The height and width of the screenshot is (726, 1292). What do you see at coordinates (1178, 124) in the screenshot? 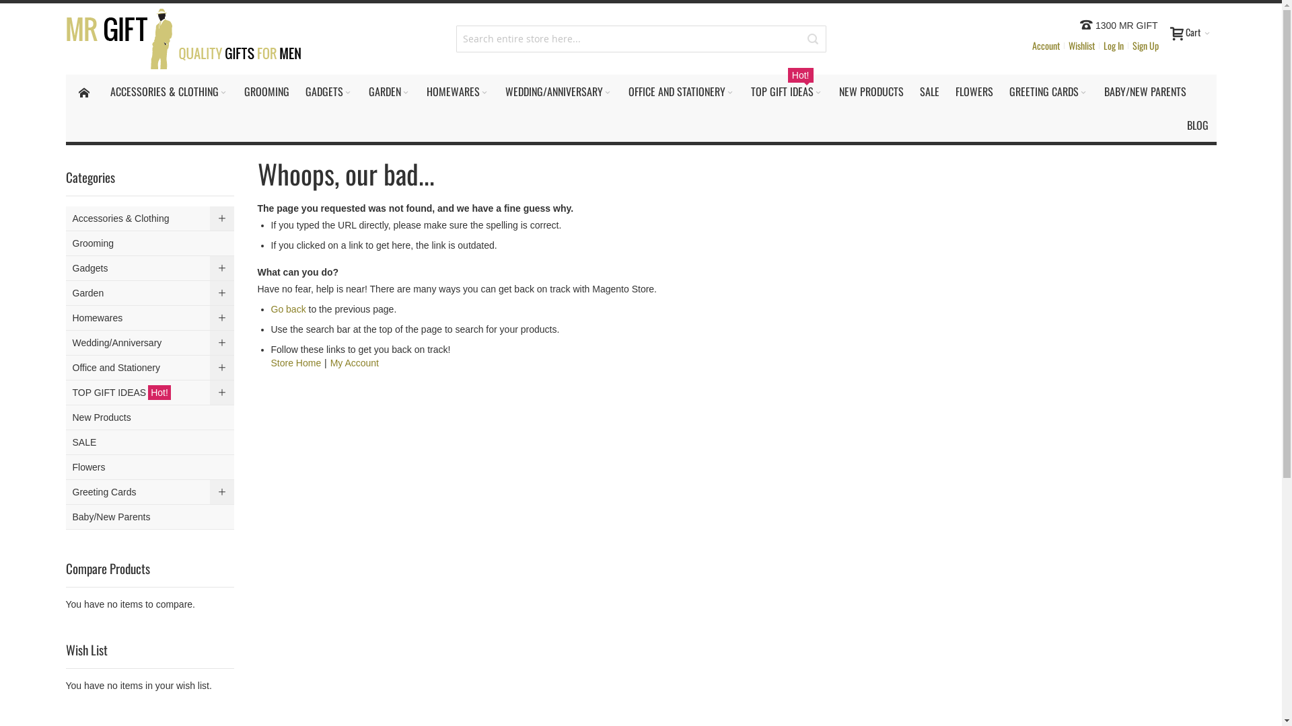
I see `'BLOG'` at bounding box center [1178, 124].